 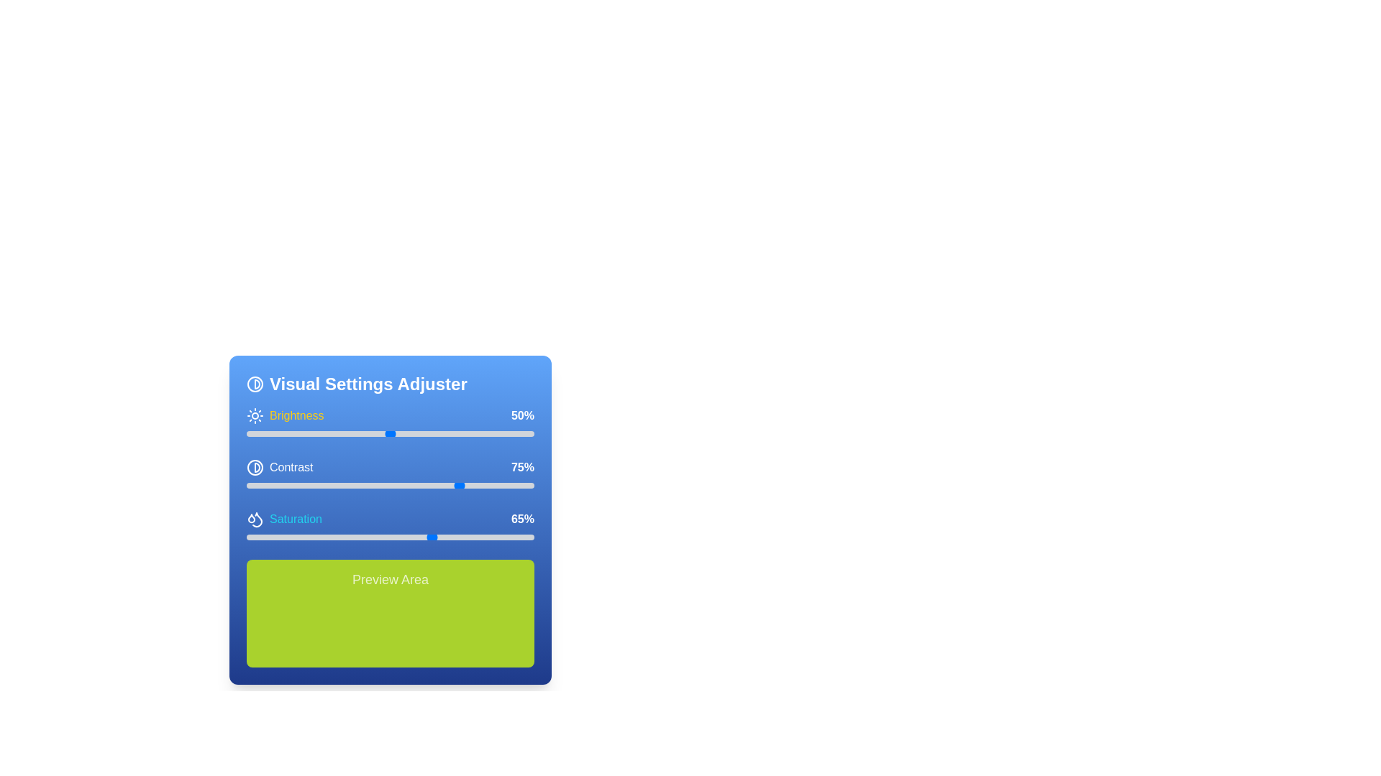 I want to click on saturation, so click(x=404, y=537).